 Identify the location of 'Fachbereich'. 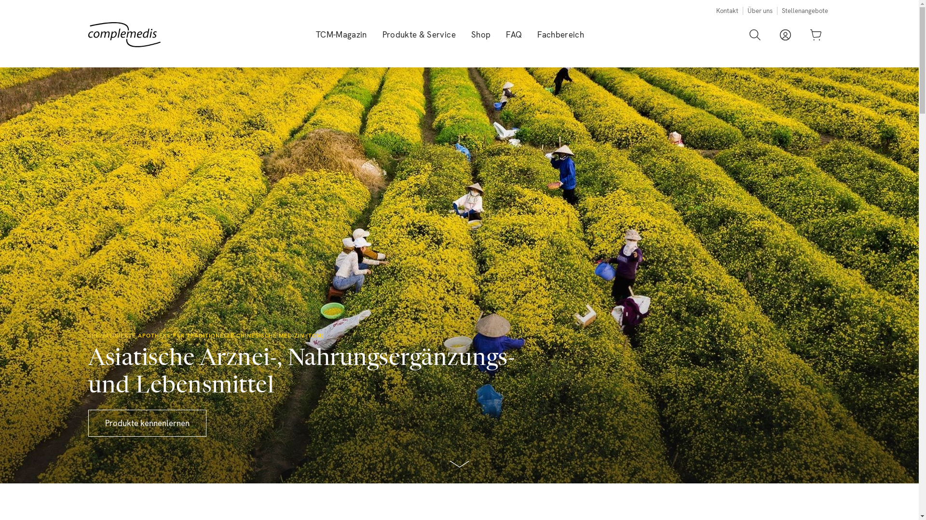
(560, 34).